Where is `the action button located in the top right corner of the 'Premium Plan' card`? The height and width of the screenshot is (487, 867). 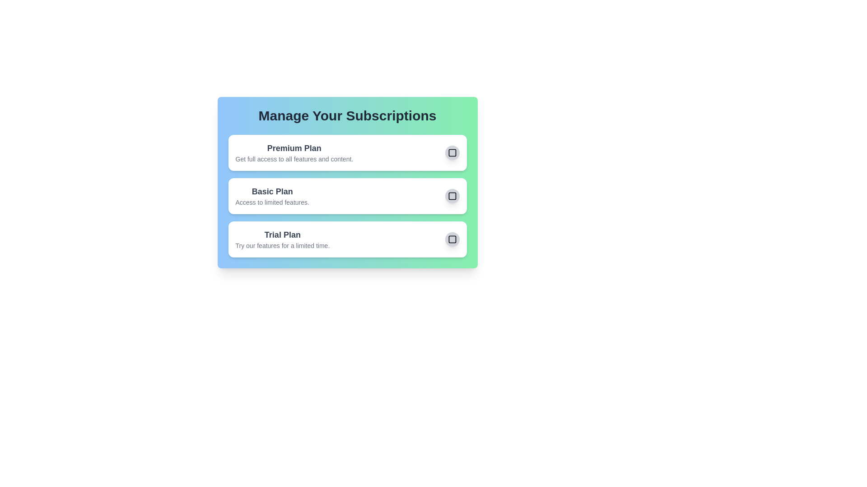 the action button located in the top right corner of the 'Premium Plan' card is located at coordinates (452, 152).